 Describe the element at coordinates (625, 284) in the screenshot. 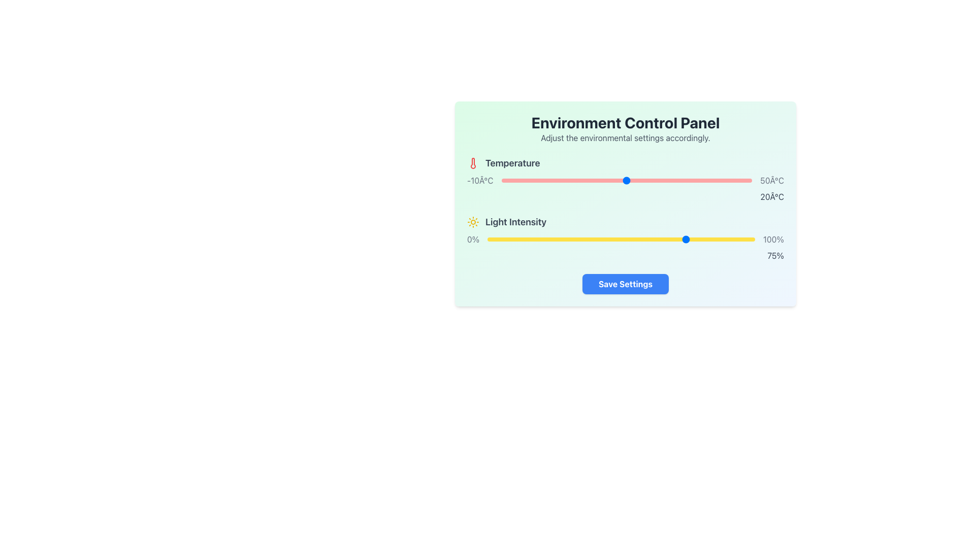

I see `the 'Save Settings' button with a bold blue background and white text located at the bottom center of the 'Environment Control Panel'` at that location.